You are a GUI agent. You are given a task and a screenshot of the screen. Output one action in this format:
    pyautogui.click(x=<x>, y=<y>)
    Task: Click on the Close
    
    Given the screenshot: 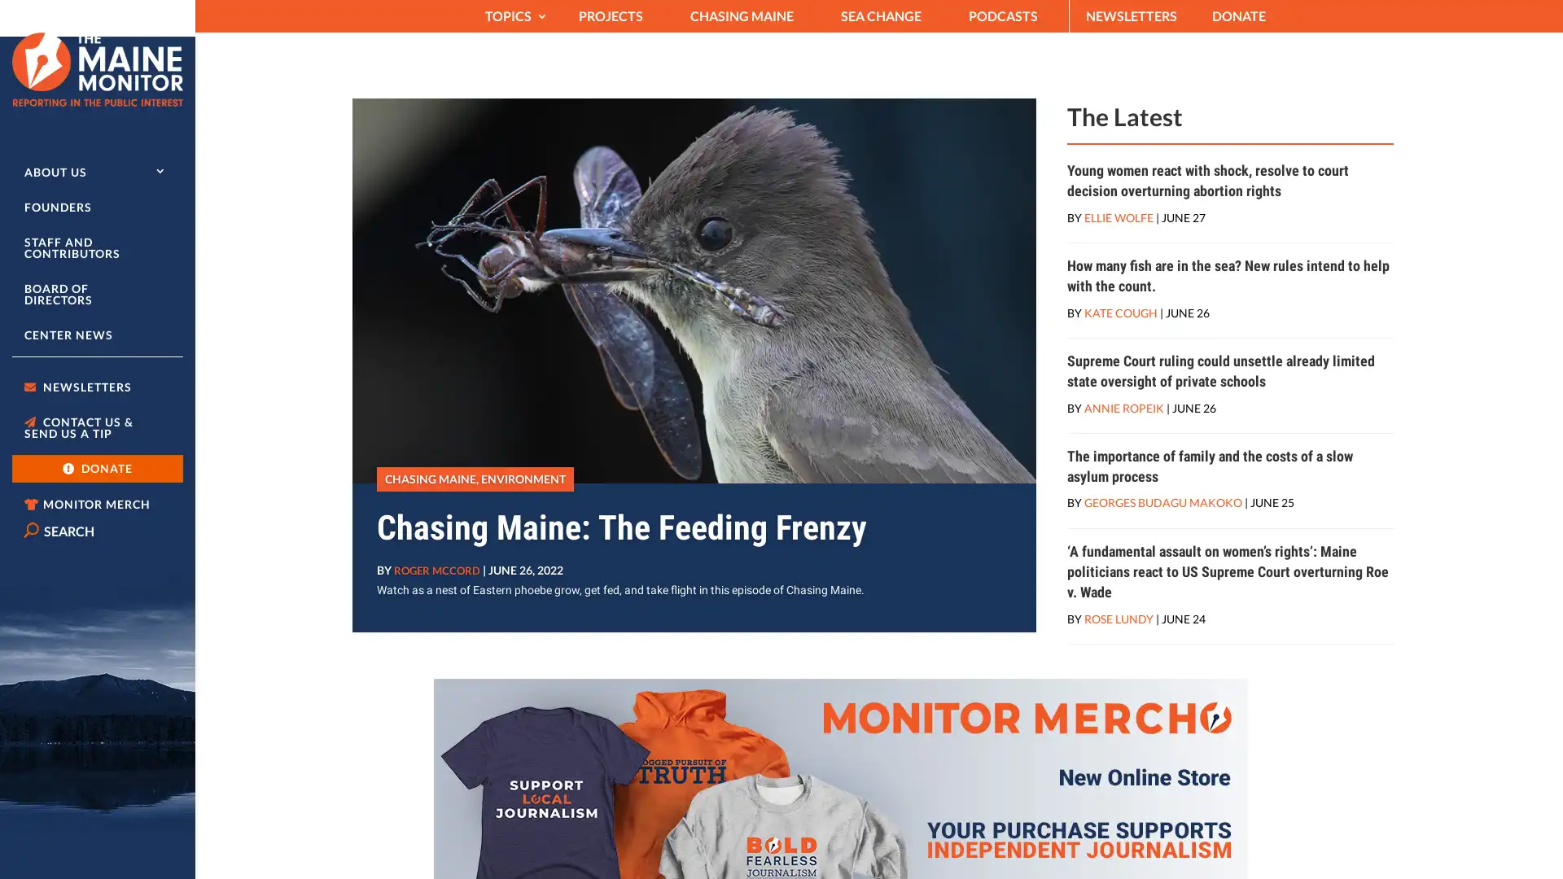 What is the action you would take?
    pyautogui.click(x=1228, y=103)
    